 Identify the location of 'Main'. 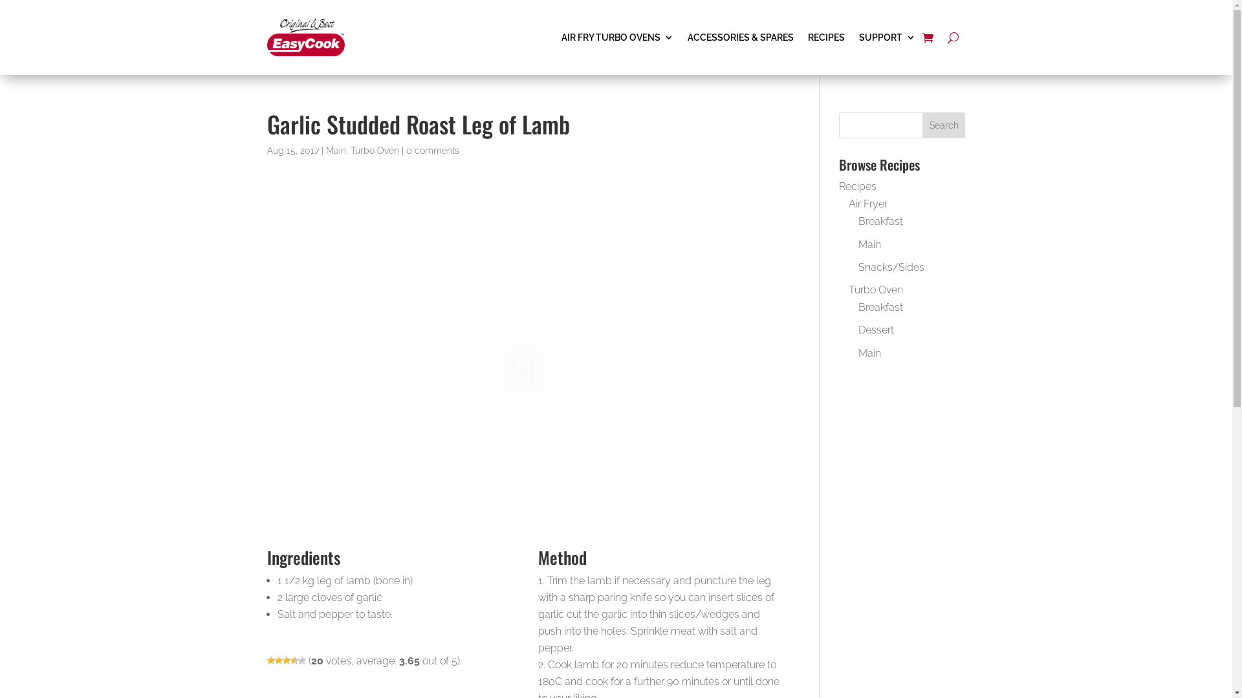
(869, 352).